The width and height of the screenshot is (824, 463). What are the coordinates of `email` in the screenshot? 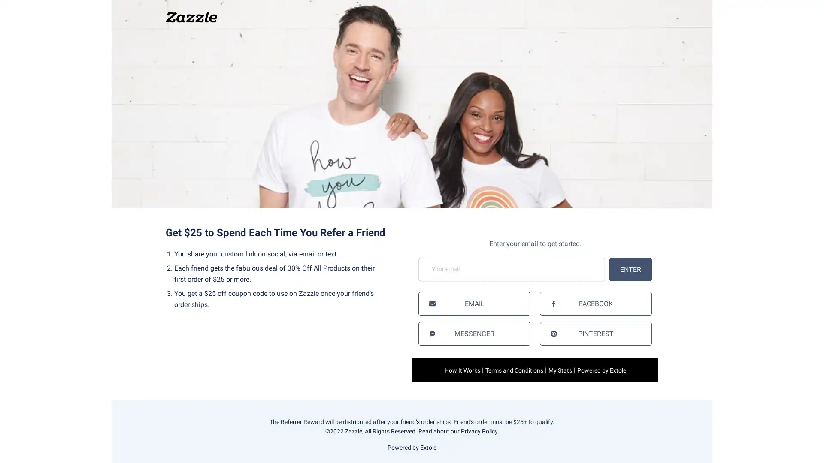 It's located at (474, 303).